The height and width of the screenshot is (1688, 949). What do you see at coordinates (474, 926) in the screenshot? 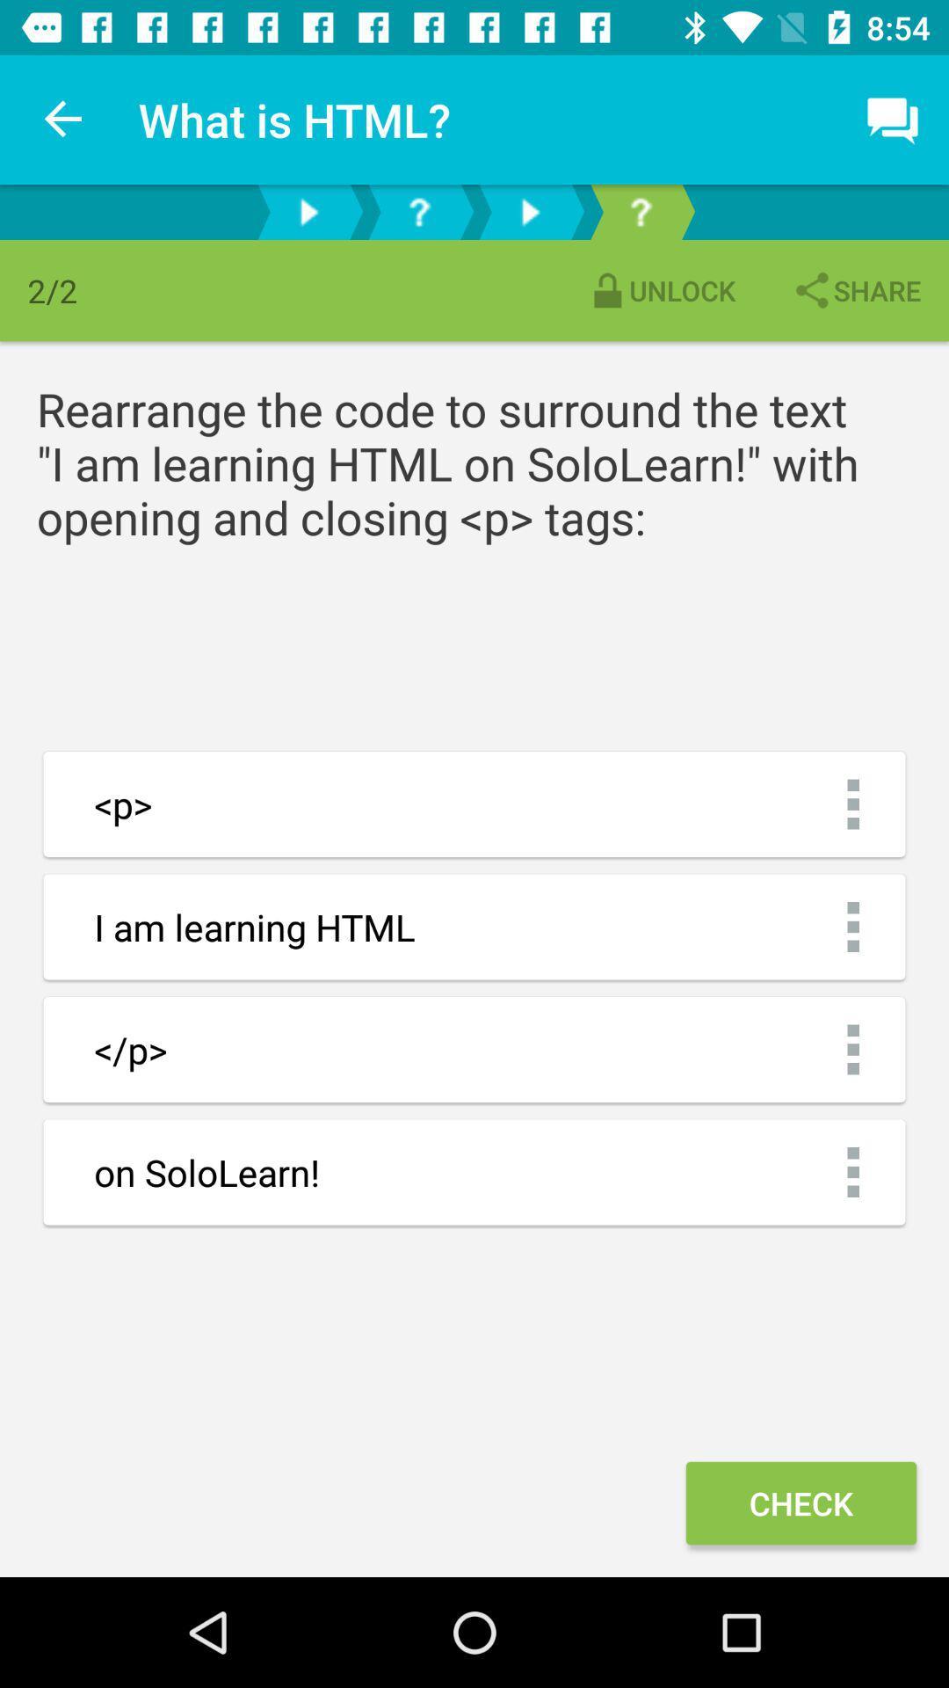
I see `i am learning html which is below  p on the page` at bounding box center [474, 926].